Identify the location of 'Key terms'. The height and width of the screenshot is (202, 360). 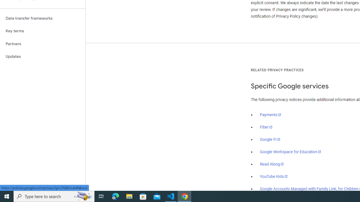
(42, 31).